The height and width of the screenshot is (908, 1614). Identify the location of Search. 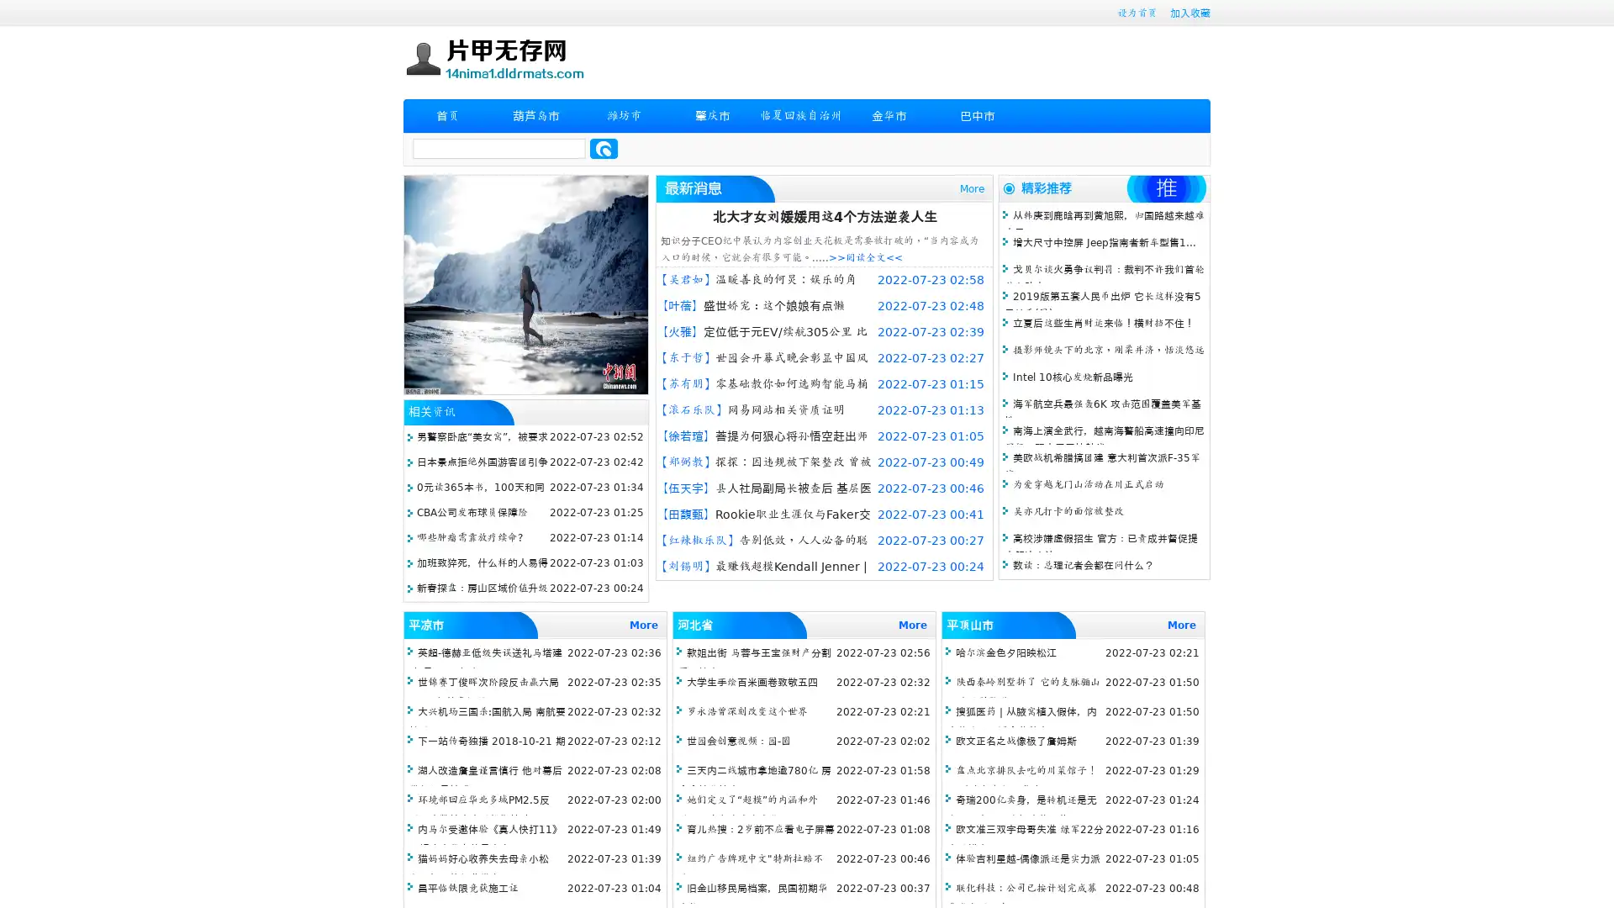
(604, 148).